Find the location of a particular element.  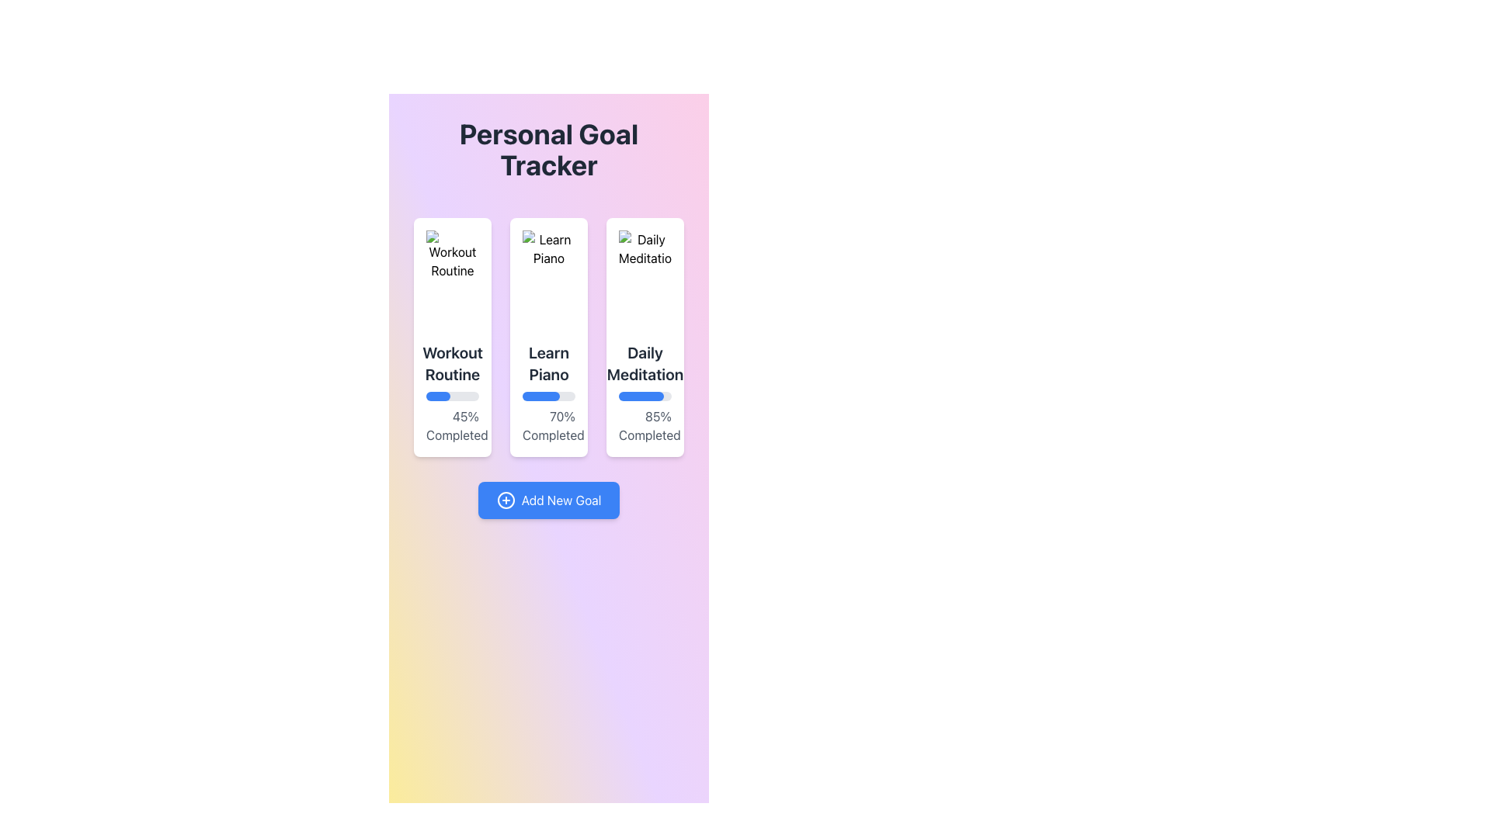

the Goal progress tracker card for Learning Piano, which is the middle card in a horizontal layout of three cards, displaying the current progress and visual indicator of completion is located at coordinates (548, 337).